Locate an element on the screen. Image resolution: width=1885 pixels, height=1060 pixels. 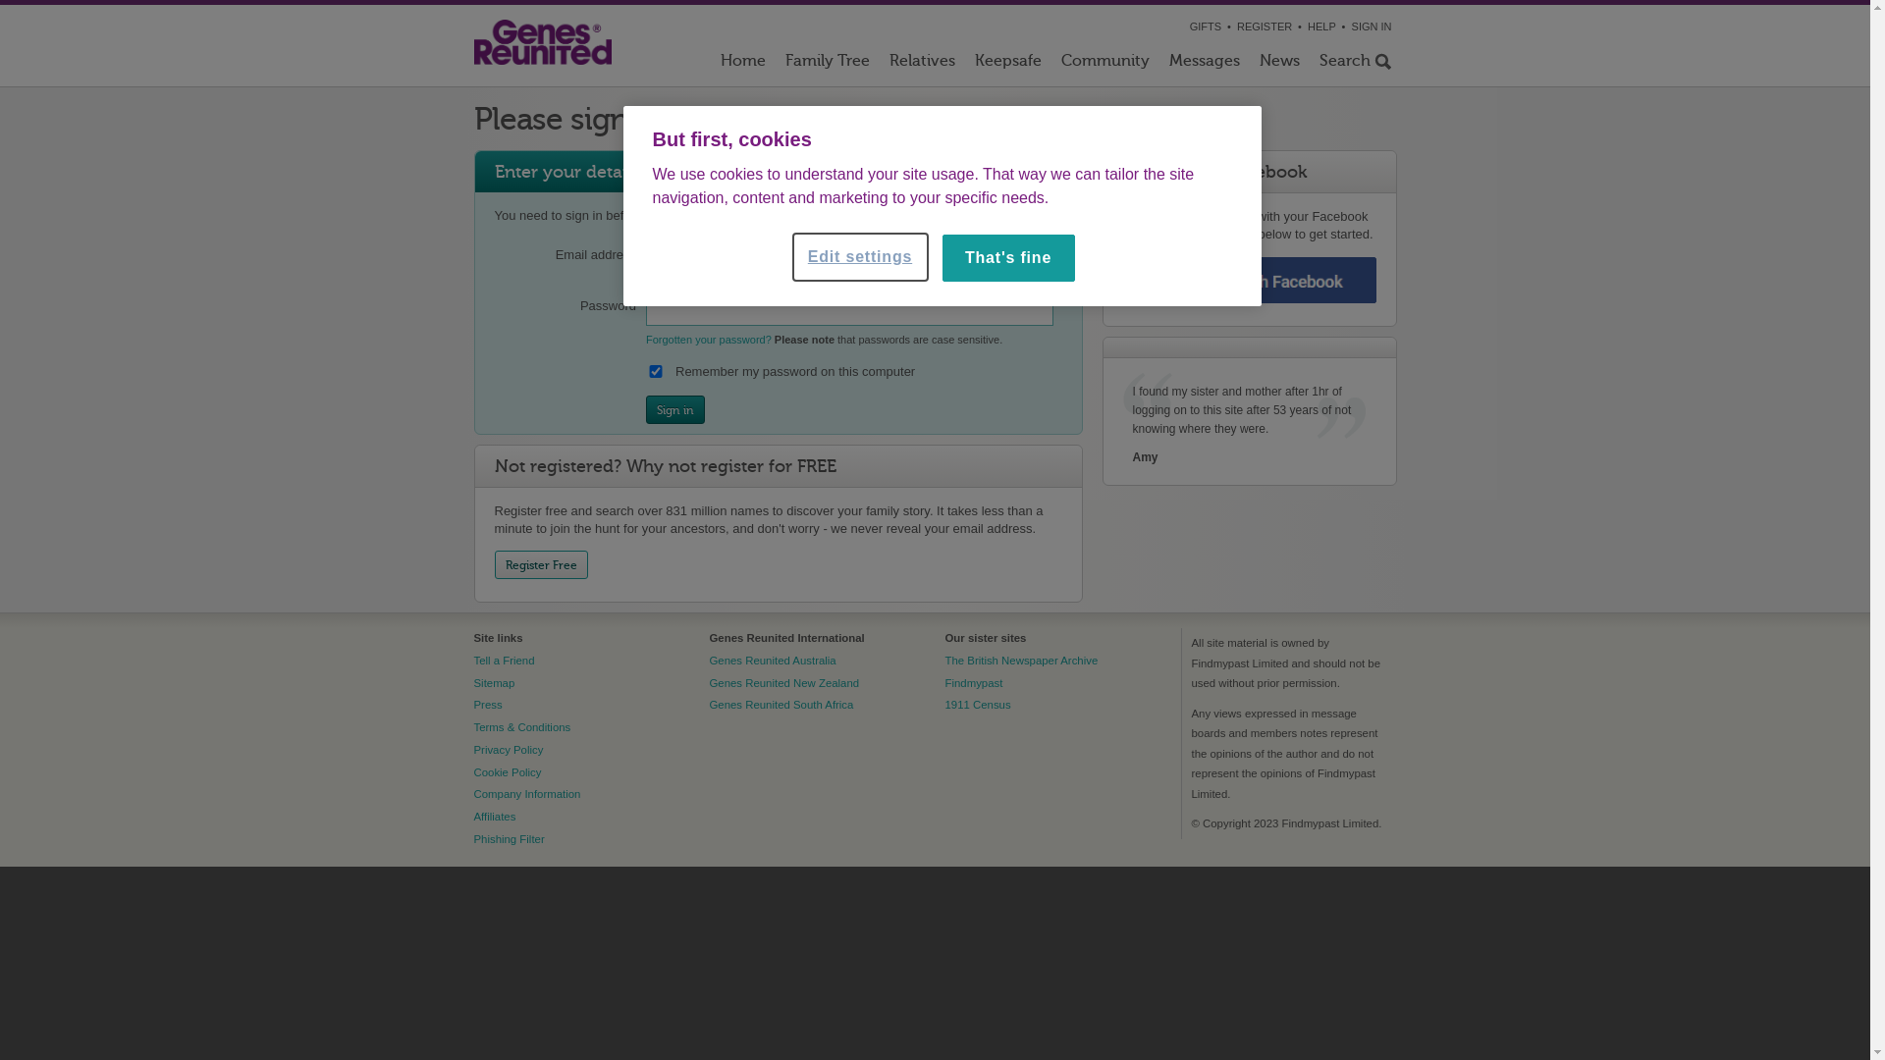
'Genes Reunited New Zealand' is located at coordinates (782, 681).